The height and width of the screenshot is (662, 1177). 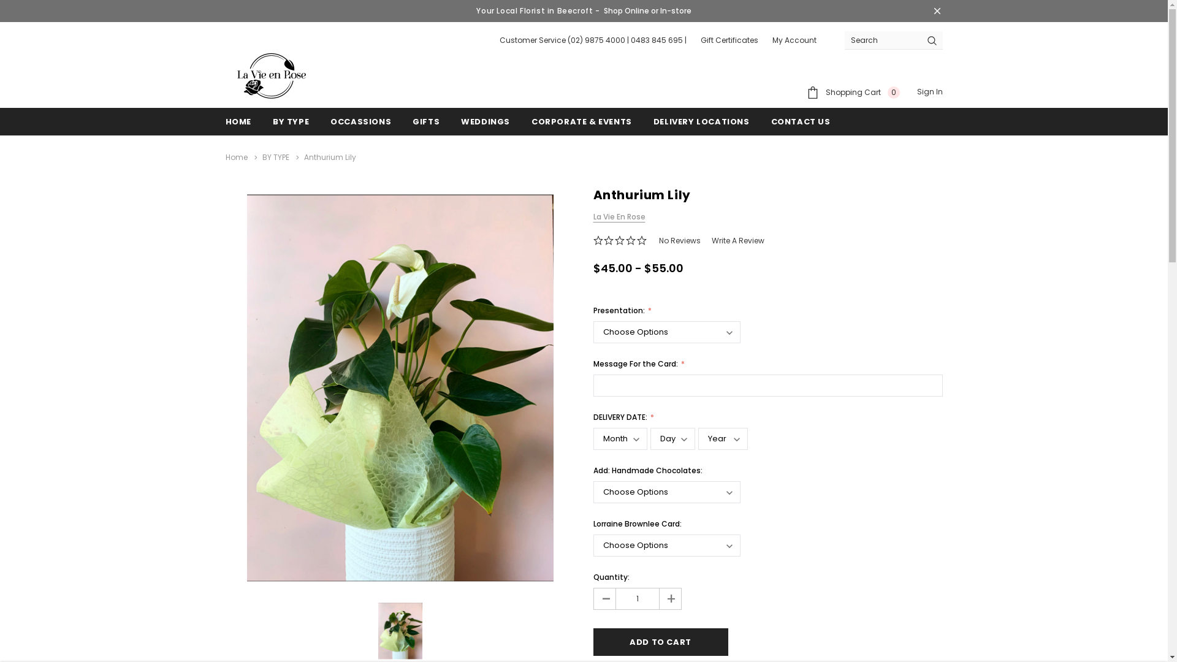 What do you see at coordinates (426, 121) in the screenshot?
I see `'GIFTS'` at bounding box center [426, 121].